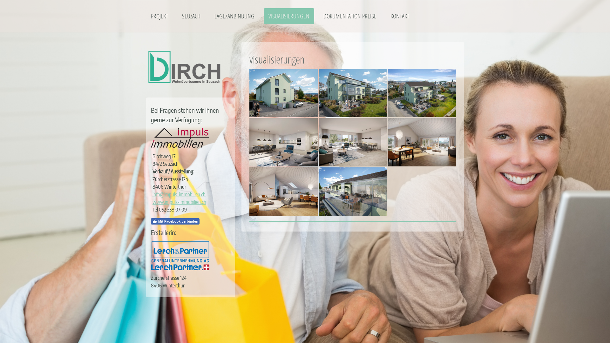  What do you see at coordinates (179, 202) in the screenshot?
I see `'www.impuls-immobilien.ch'` at bounding box center [179, 202].